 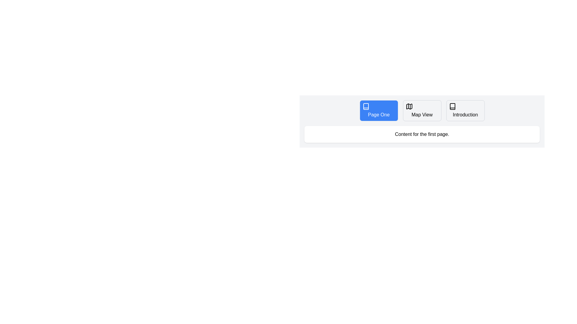 What do you see at coordinates (409, 106) in the screenshot?
I see `the 'Map View' icon within the SVG component` at bounding box center [409, 106].